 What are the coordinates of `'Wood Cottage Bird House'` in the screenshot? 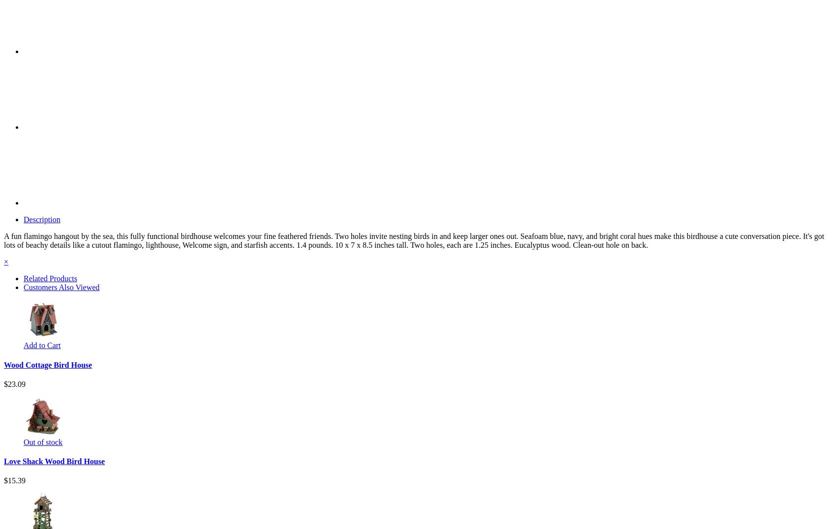 It's located at (3, 364).